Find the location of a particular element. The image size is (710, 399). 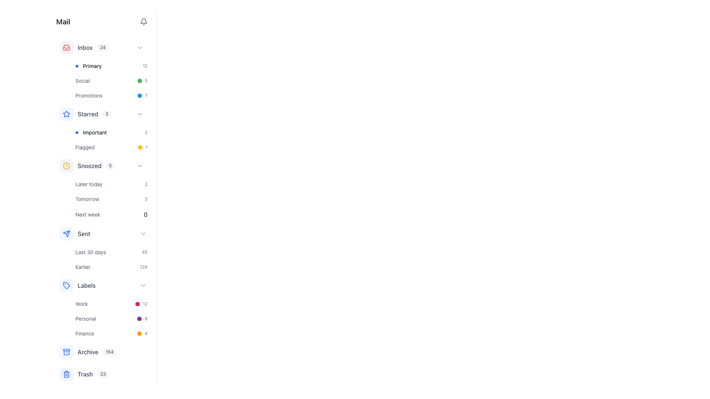

the numerical value displayed in the 'Snoozed' section, which is the second item in the horizontal grouping adjacent to the text 'Snoozed' is located at coordinates (110, 165).